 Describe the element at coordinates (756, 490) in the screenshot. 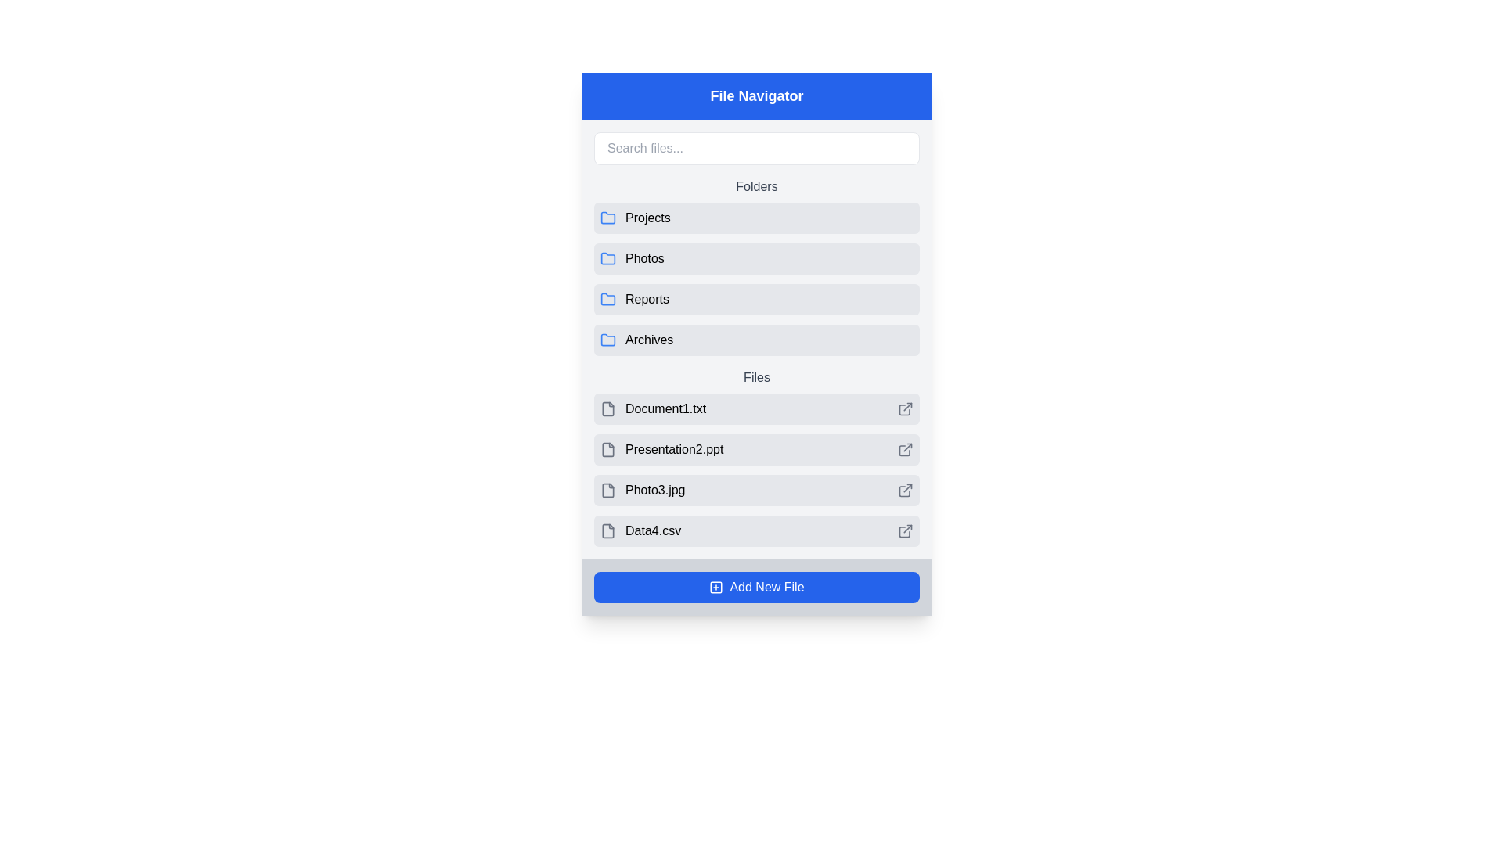

I see `to select the file item labeled 'Photo3.jpg' in the 'Files' list, which is the third item in the vertical list` at that location.